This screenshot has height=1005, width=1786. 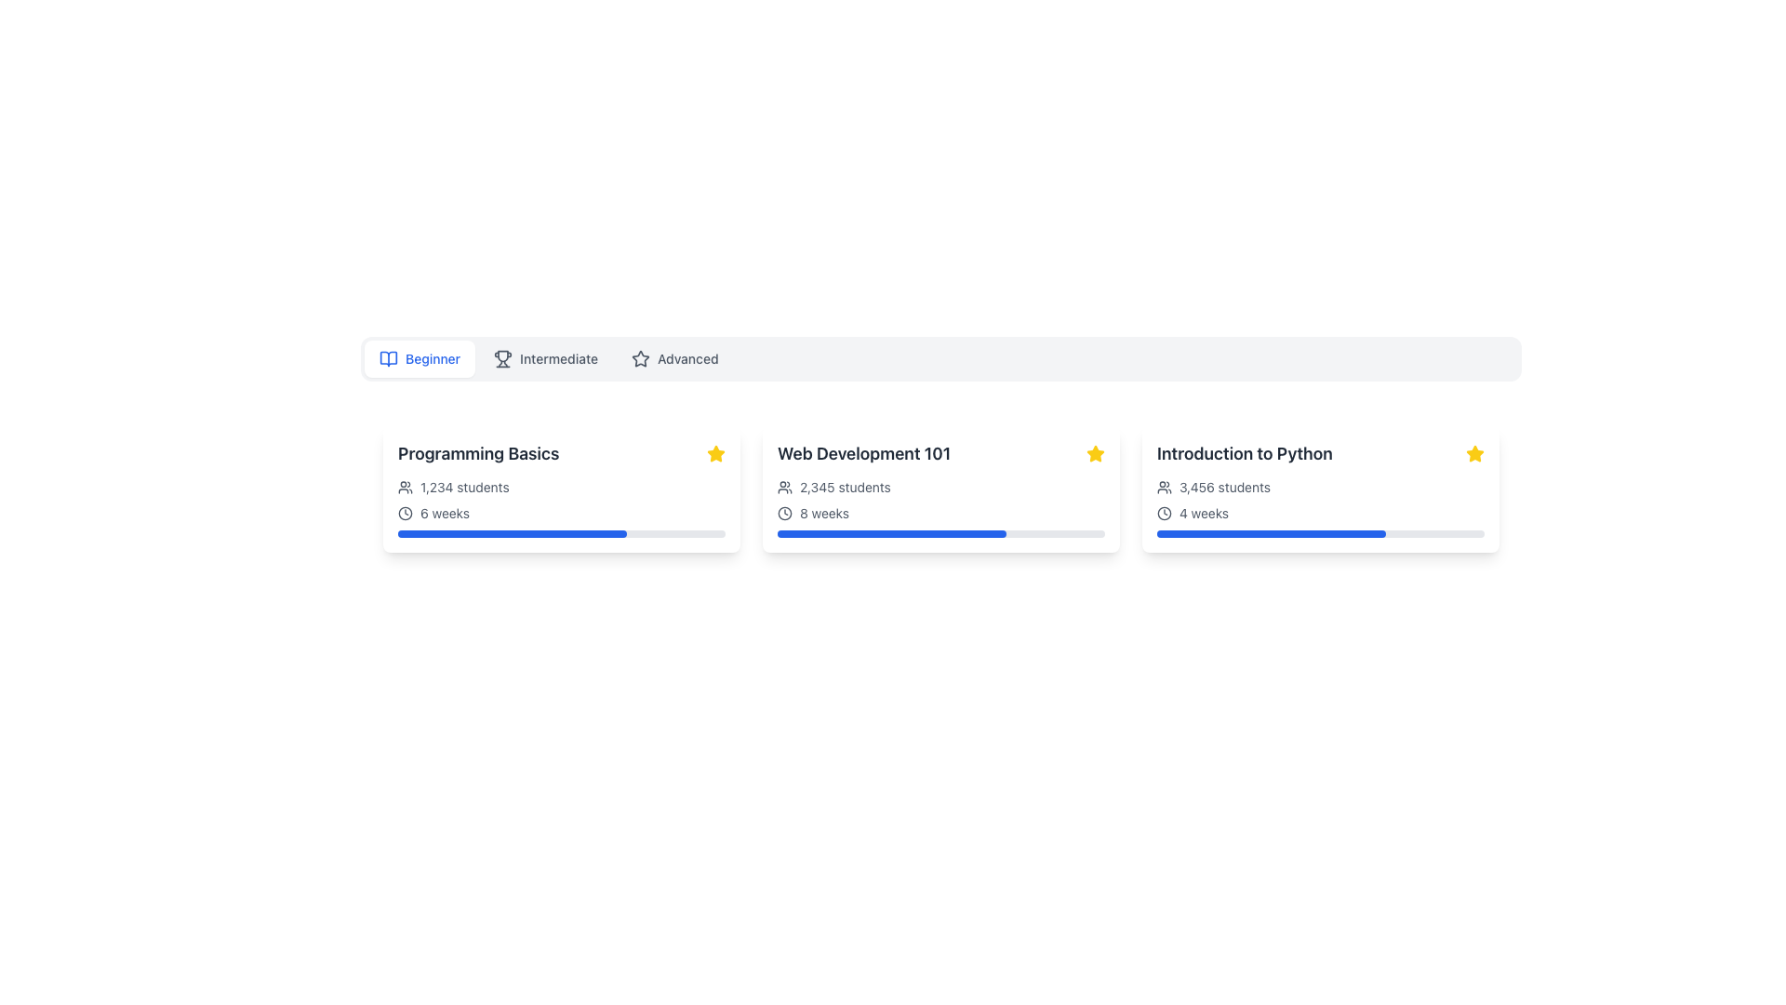 What do you see at coordinates (1164, 513) in the screenshot?
I see `circular clock icon located to the left of the '4 weeks' text in the 'Introduction to Python' card using developer tools` at bounding box center [1164, 513].